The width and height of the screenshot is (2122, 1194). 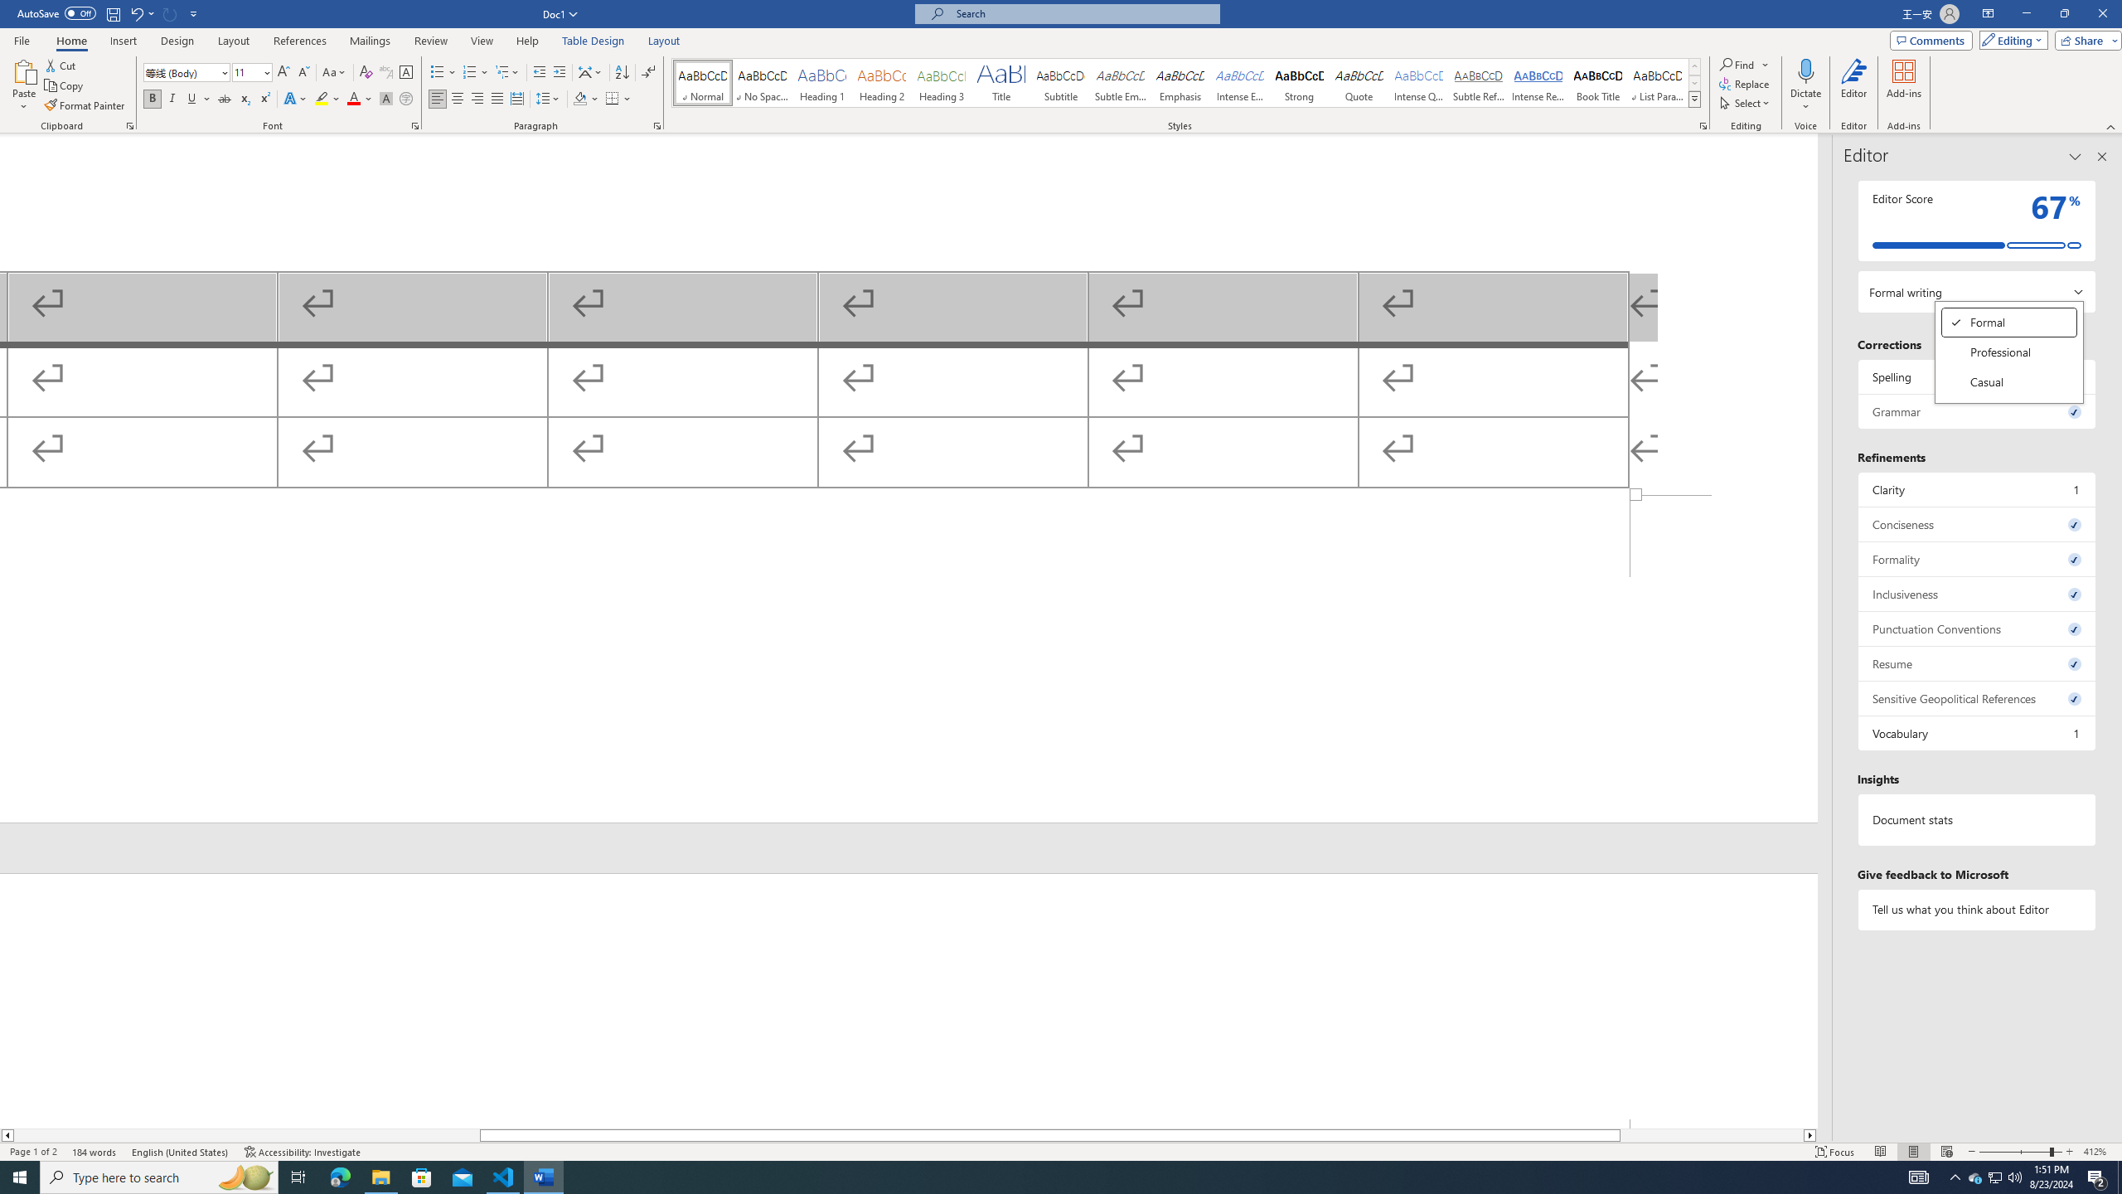 I want to click on 'Page right', so click(x=1711, y=1134).